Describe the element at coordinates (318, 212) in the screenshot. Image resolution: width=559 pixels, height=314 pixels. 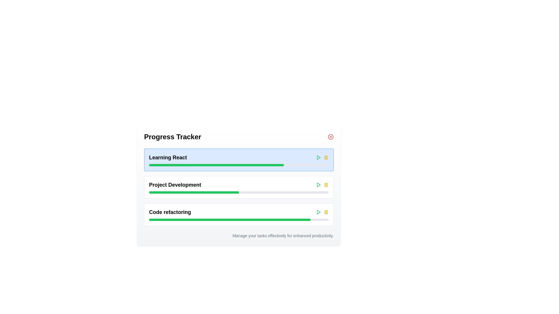
I see `the play button` at that location.